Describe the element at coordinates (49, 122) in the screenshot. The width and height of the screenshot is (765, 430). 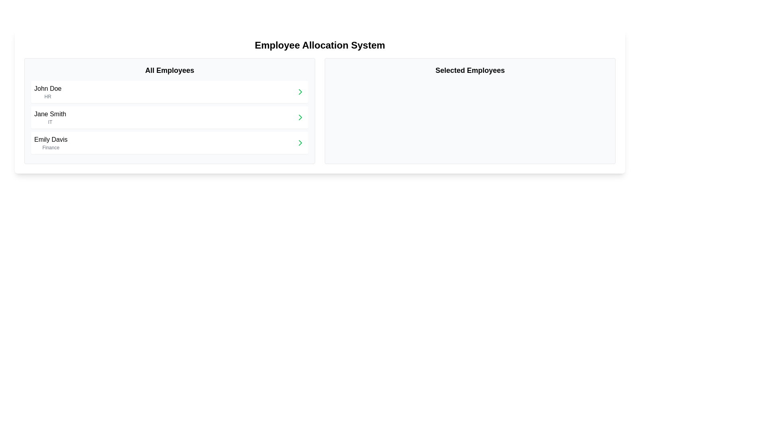
I see `the Text Label element displaying 'IT' in small, light gray font, positioned beneath the name 'Jane Smith' in the 'All Employees' section` at that location.